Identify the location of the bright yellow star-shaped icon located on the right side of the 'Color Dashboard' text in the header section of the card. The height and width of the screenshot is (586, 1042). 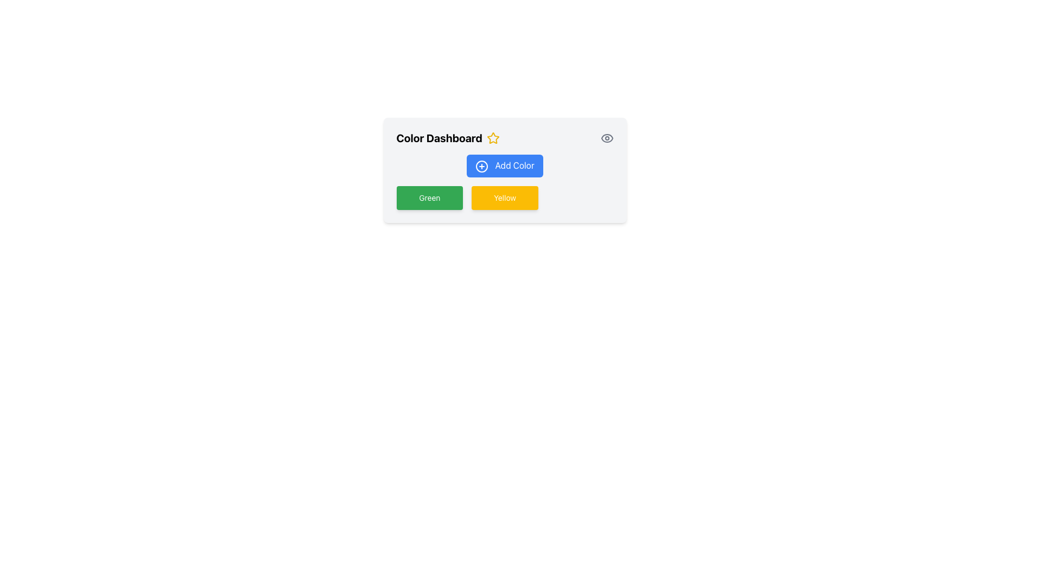
(492, 137).